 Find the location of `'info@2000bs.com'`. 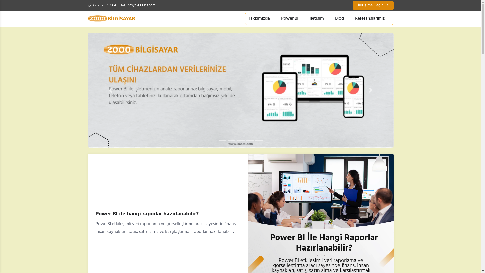

'info@2000bs.com' is located at coordinates (138, 5).